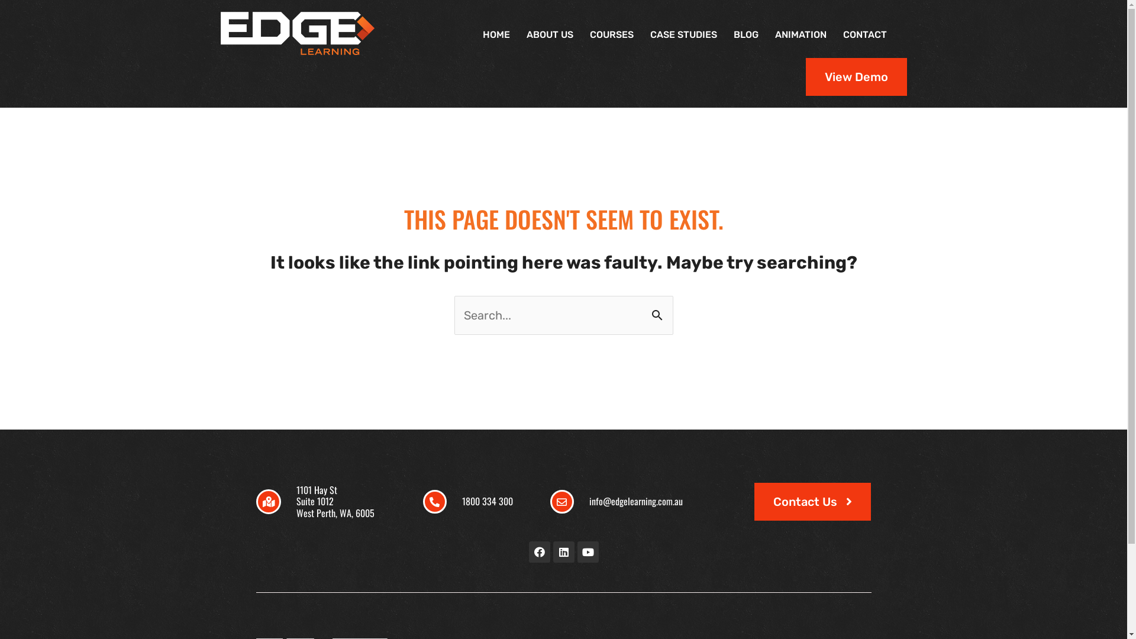  What do you see at coordinates (518, 34) in the screenshot?
I see `'ABOUT US'` at bounding box center [518, 34].